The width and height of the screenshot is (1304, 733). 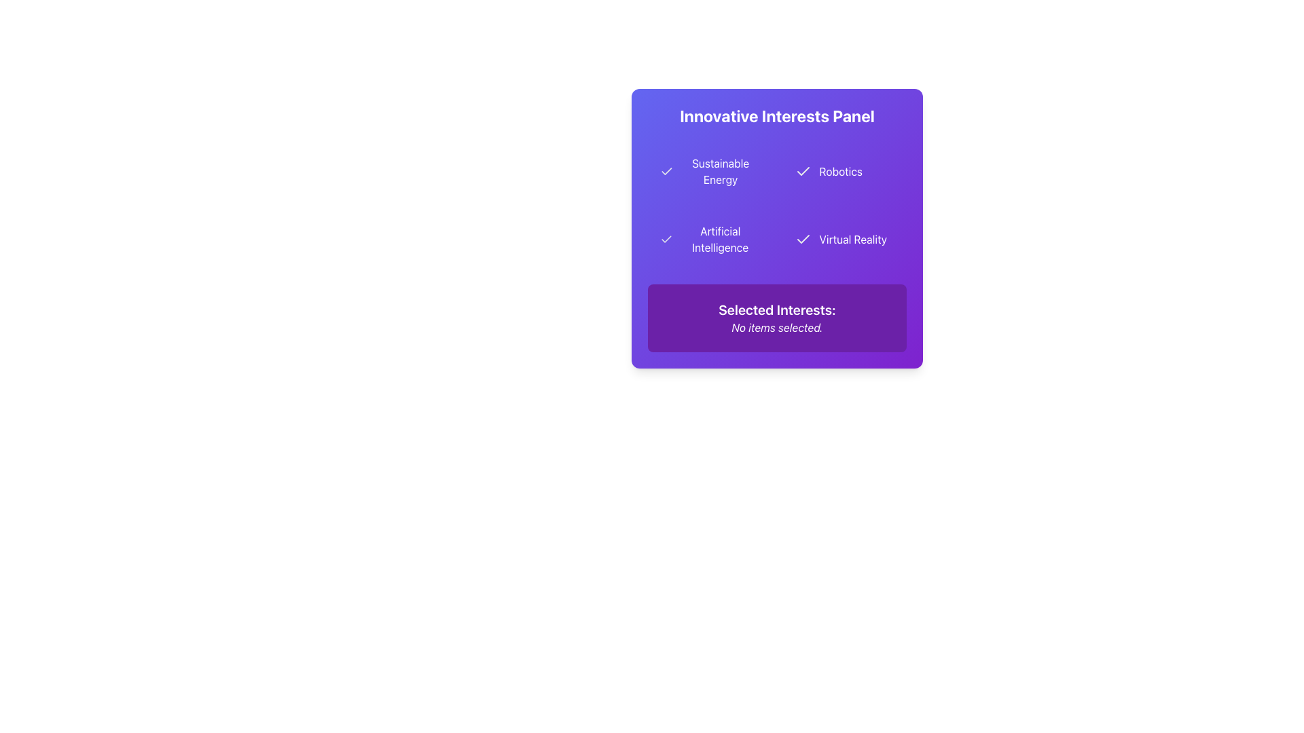 What do you see at coordinates (666, 239) in the screenshot?
I see `the checkmark icon that indicates the selection status of the 'Artificial Intelligence' option in the 'Innovative Interests Panel'` at bounding box center [666, 239].